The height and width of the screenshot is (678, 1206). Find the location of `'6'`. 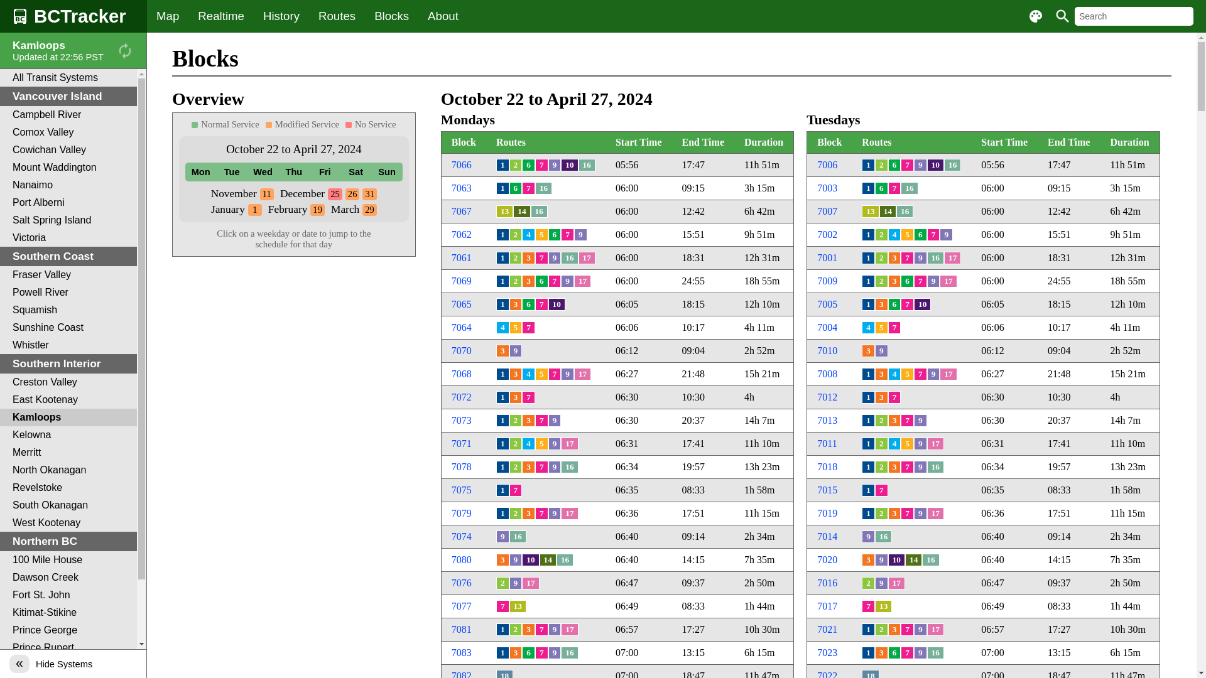

'6' is located at coordinates (541, 280).